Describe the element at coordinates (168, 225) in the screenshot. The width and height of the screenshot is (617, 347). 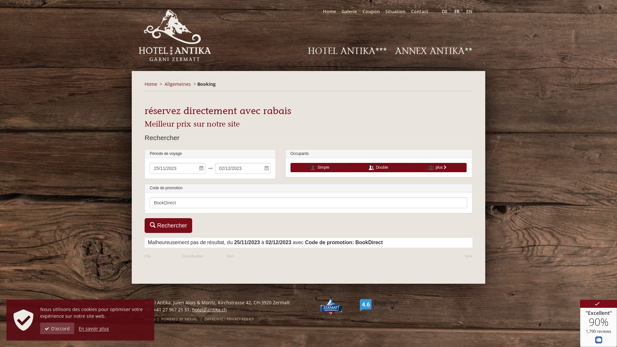
I see `'Rechercher'` at that location.